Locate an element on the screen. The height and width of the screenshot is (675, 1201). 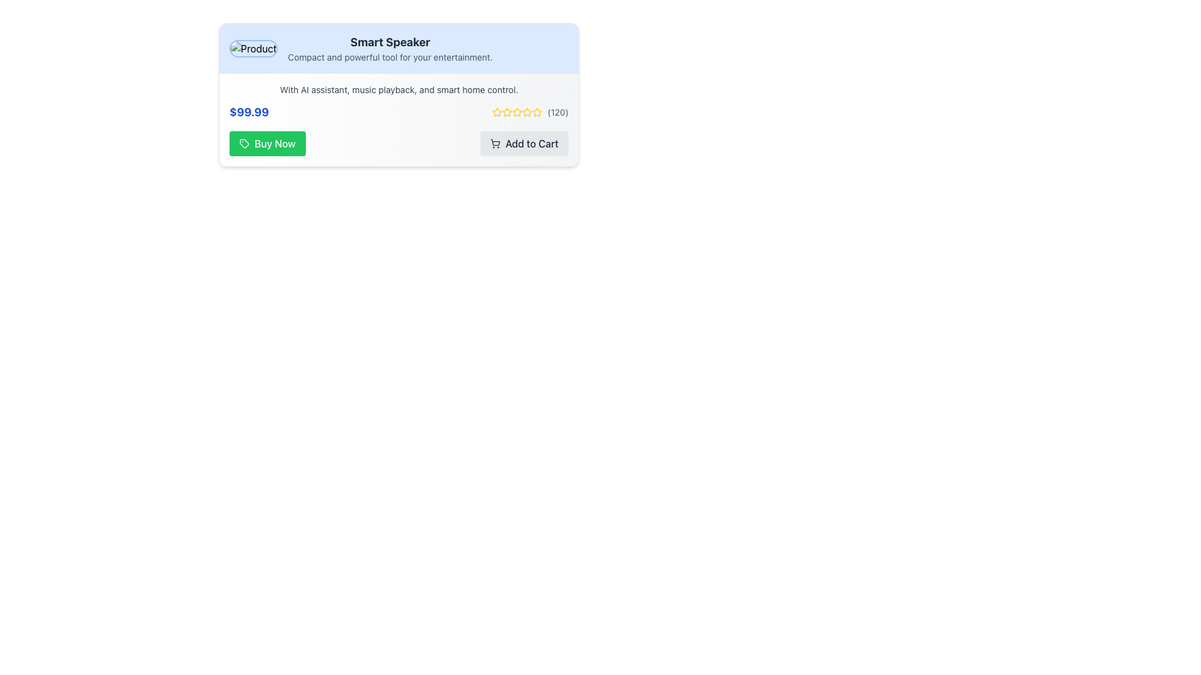
the fourth star in the five-star rating component, which visually displays a rating of 4 out of 5 stars, located to the left of the text '(120)' is located at coordinates (517, 112).